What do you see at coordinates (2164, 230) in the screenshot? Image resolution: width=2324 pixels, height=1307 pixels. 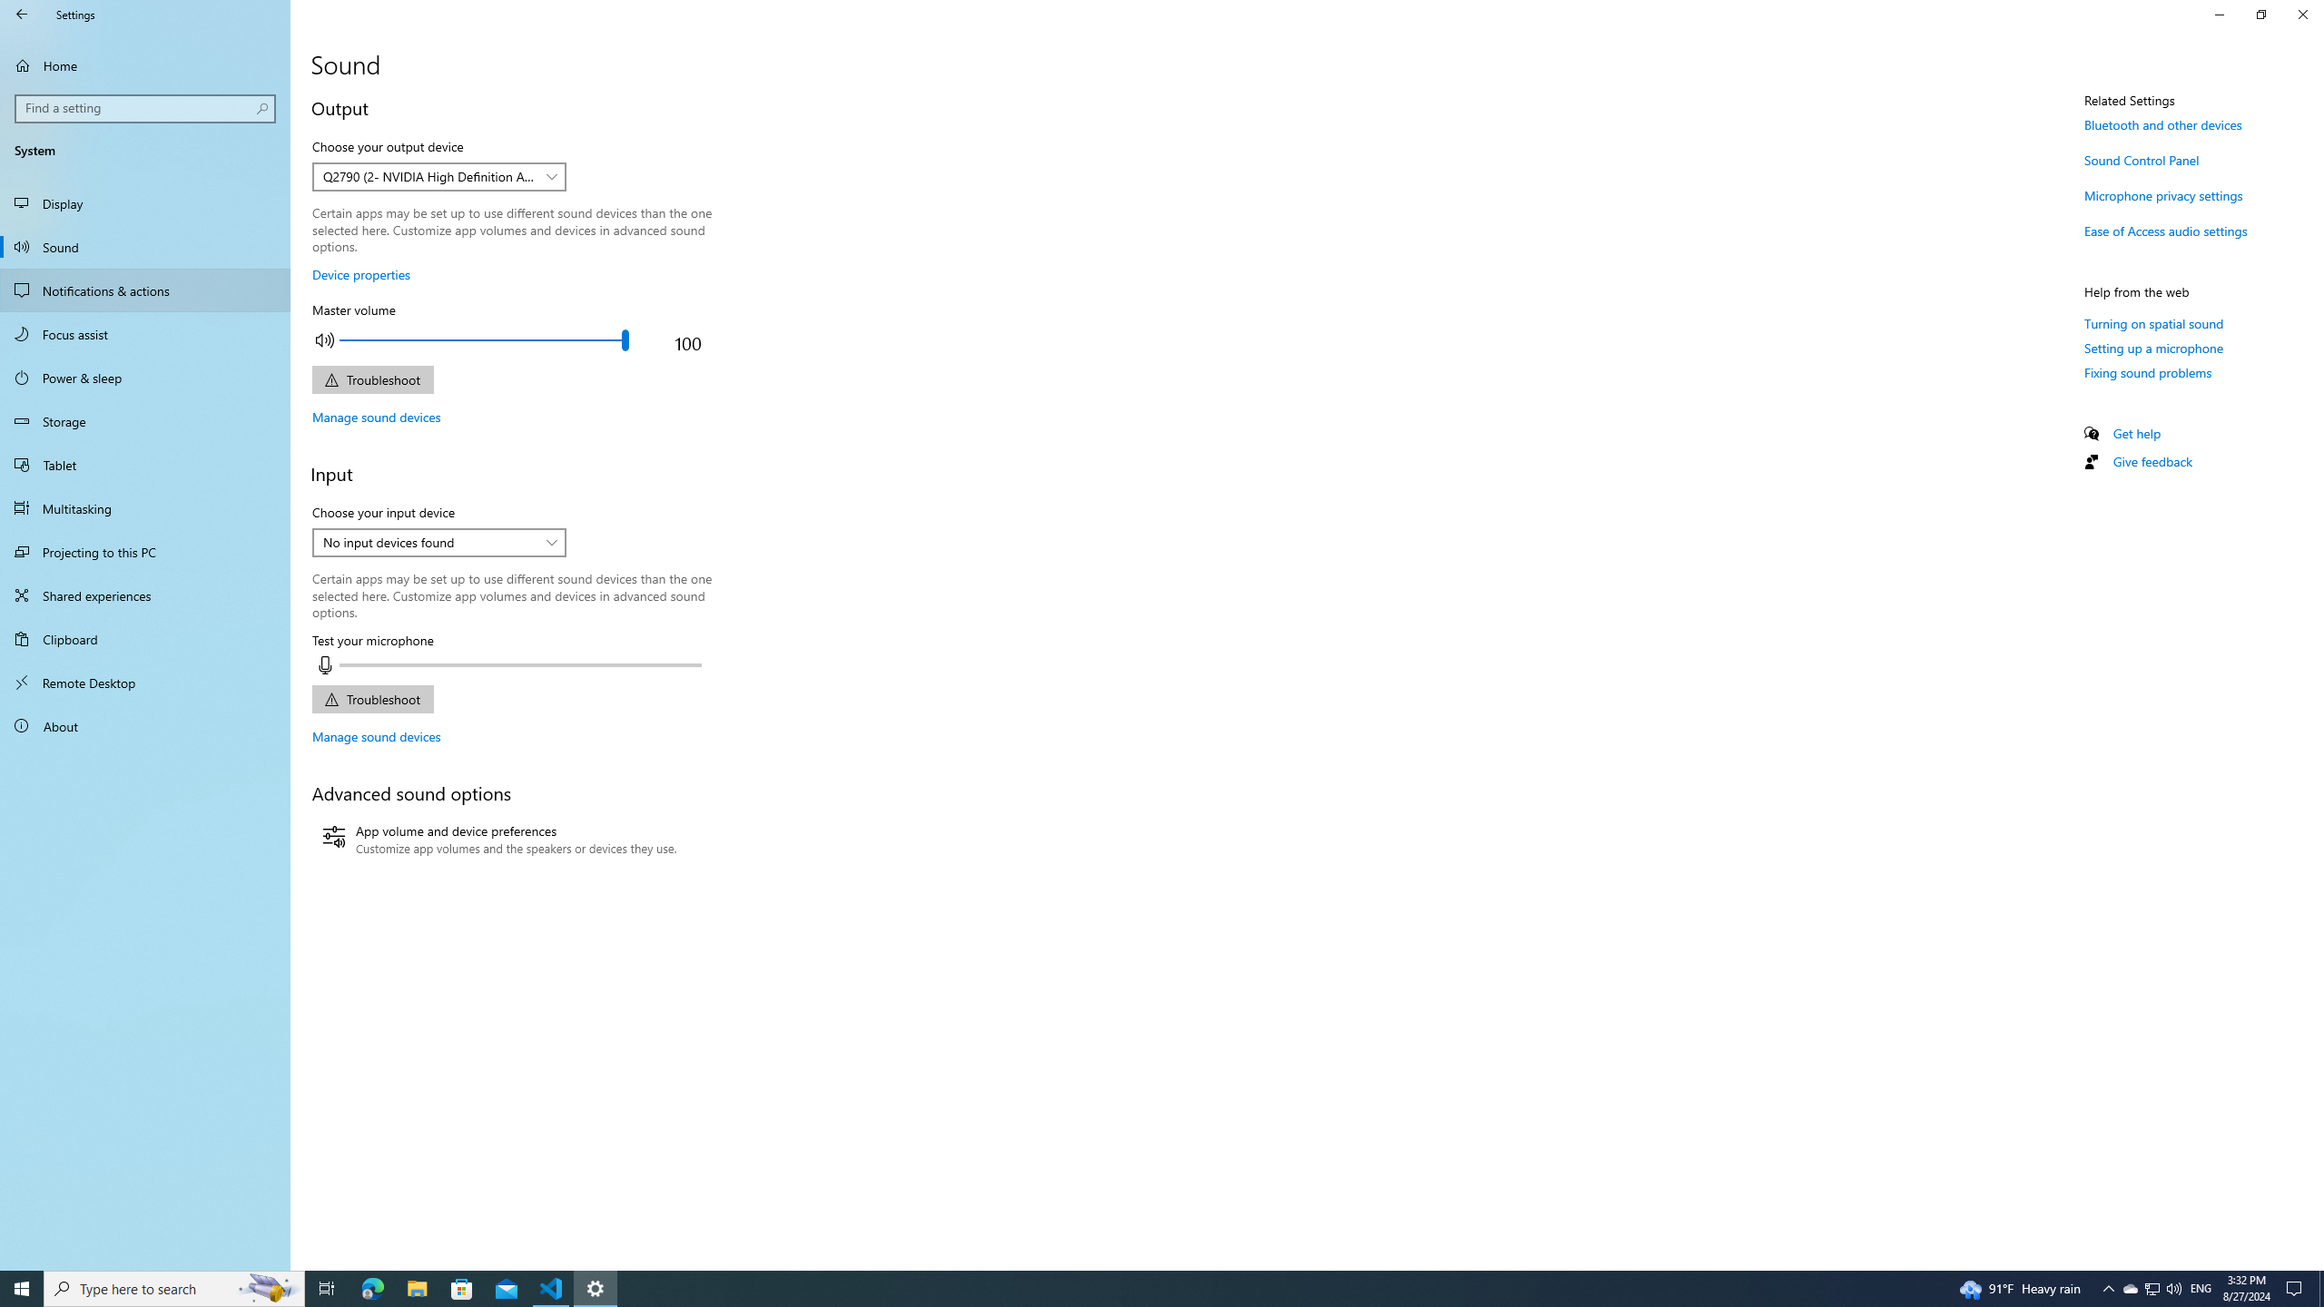 I see `'Ease of Access audio settings'` at bounding box center [2164, 230].